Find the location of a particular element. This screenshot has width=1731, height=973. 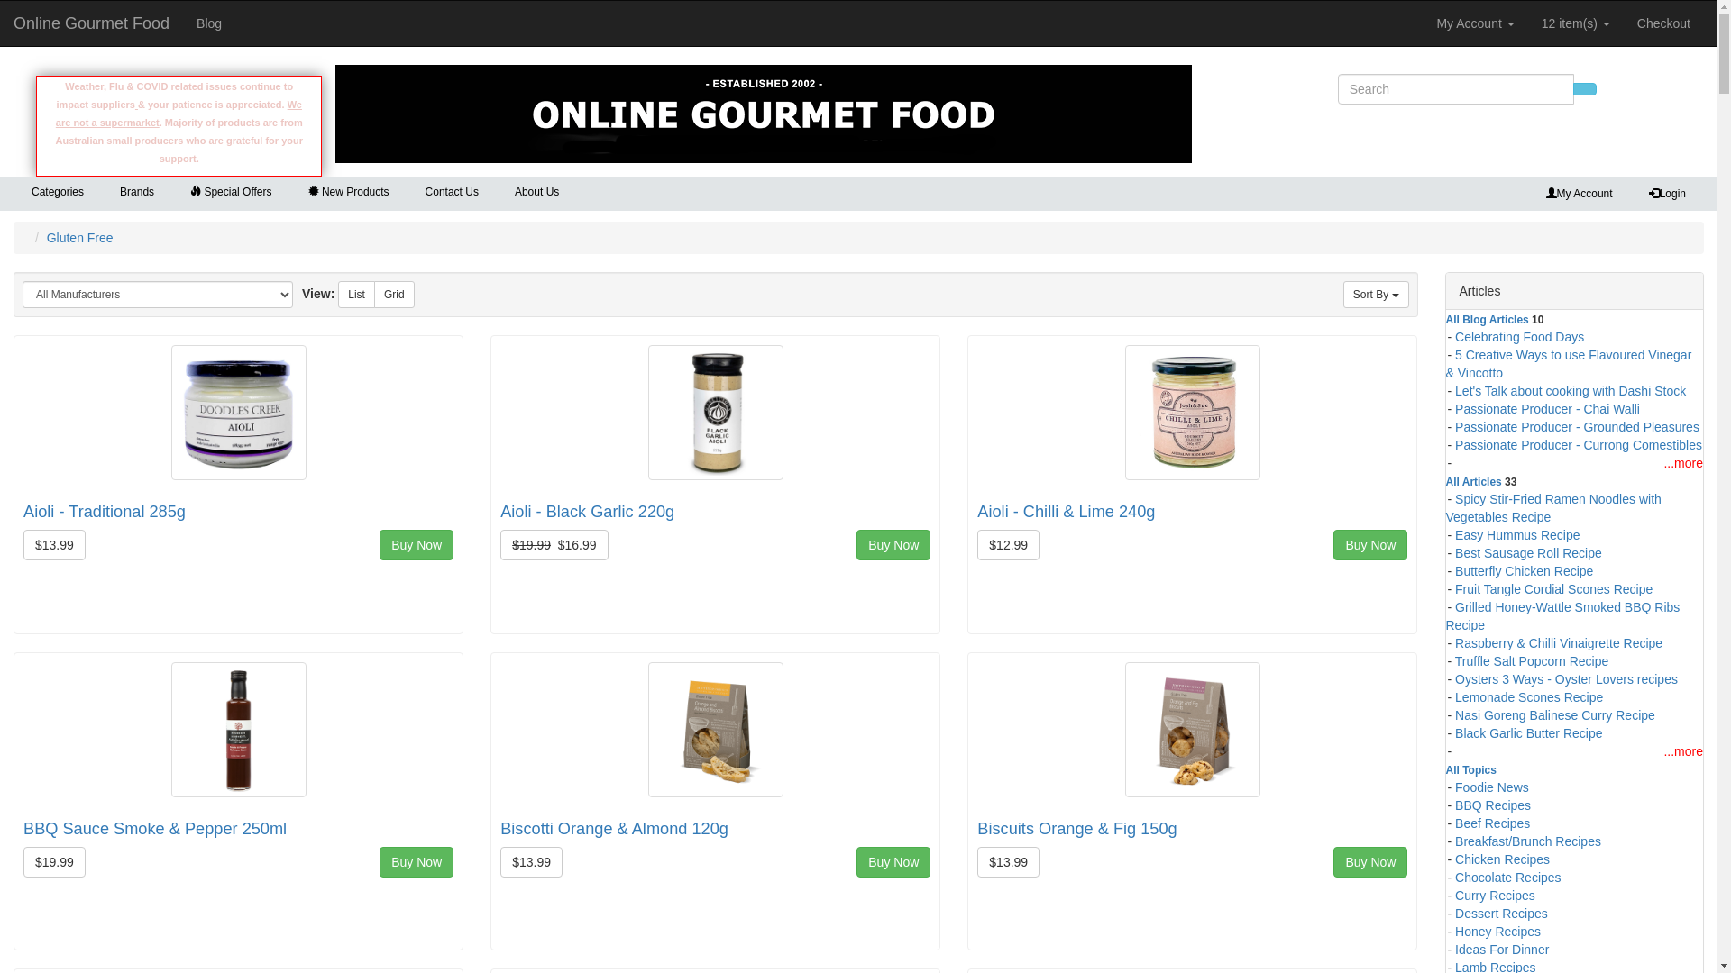

'Nasi Goreng Balinese Curry Recipe' is located at coordinates (1553, 712).